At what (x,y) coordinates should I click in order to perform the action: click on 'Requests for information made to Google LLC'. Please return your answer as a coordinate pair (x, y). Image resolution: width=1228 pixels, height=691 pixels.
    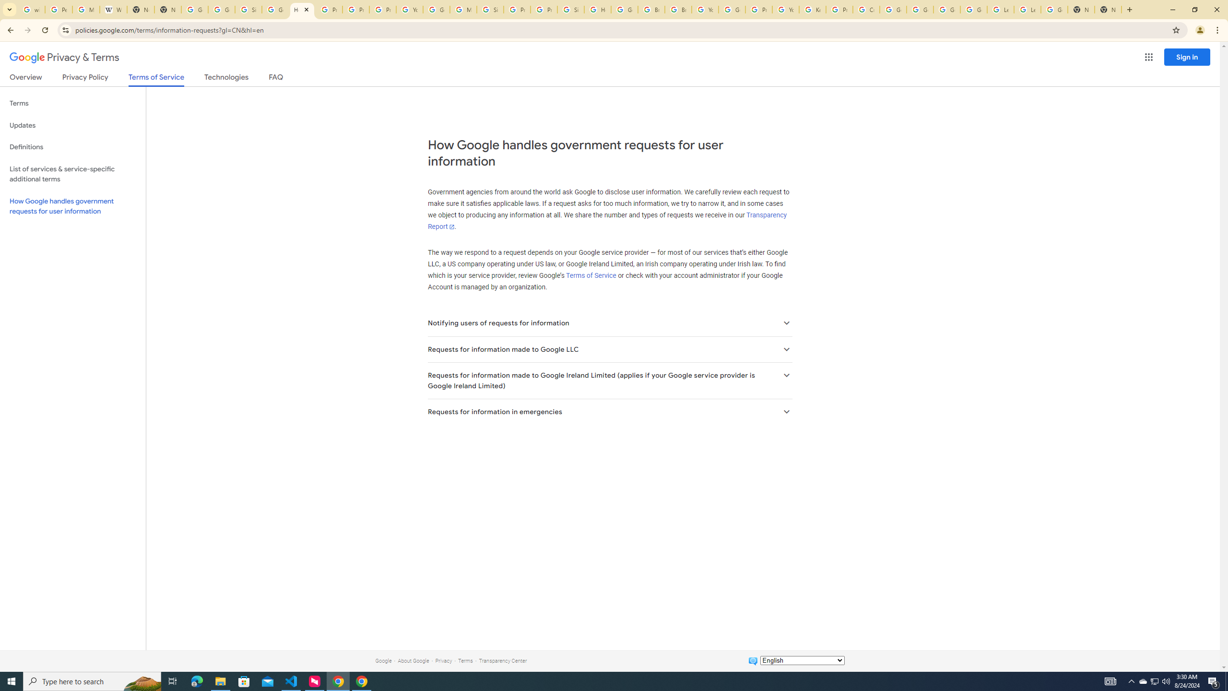
    Looking at the image, I should click on (610, 349).